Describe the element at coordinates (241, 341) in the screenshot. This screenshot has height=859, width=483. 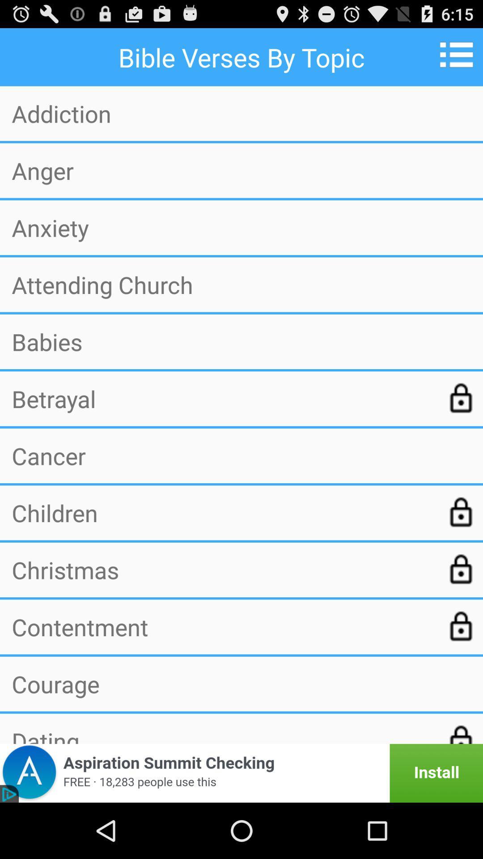
I see `the icon below attending church icon` at that location.